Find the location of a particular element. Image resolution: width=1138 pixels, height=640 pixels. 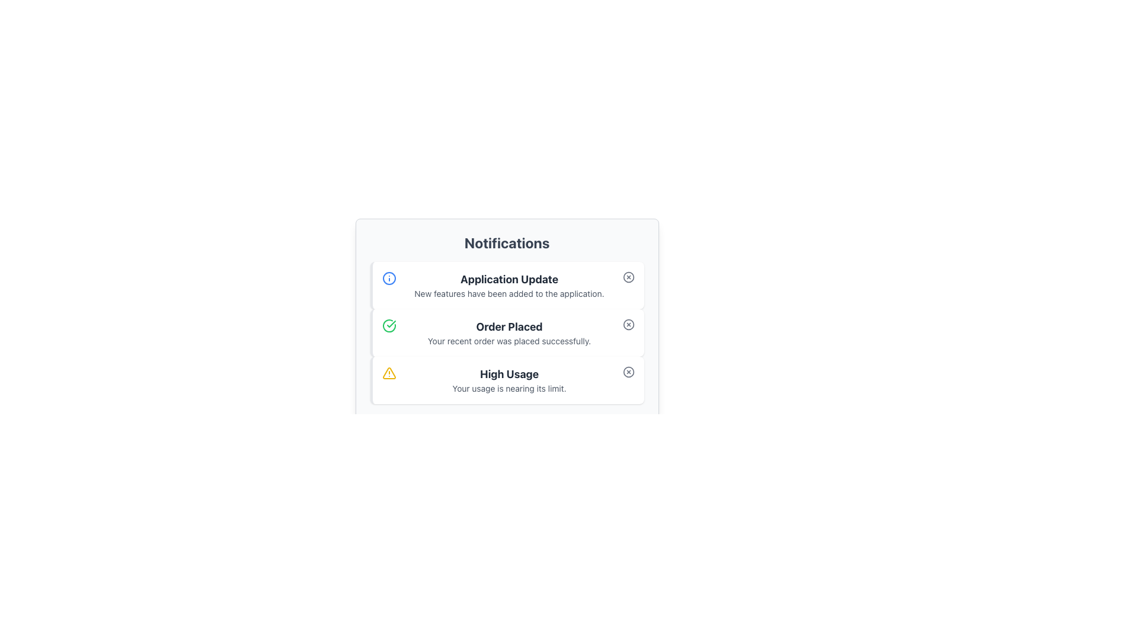

the warning icon in the 'High Usage' notification block, which is the third item in a vertically-stacked notification list, positioned to the left of the textual content is located at coordinates (389, 372).